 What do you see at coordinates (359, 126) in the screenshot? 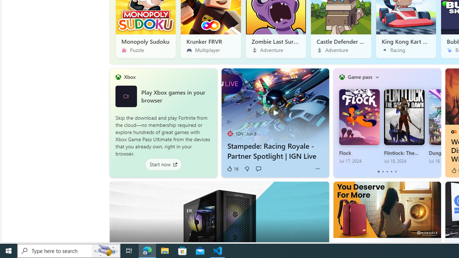
I see `'Flock Jul 17, 2024'` at bounding box center [359, 126].